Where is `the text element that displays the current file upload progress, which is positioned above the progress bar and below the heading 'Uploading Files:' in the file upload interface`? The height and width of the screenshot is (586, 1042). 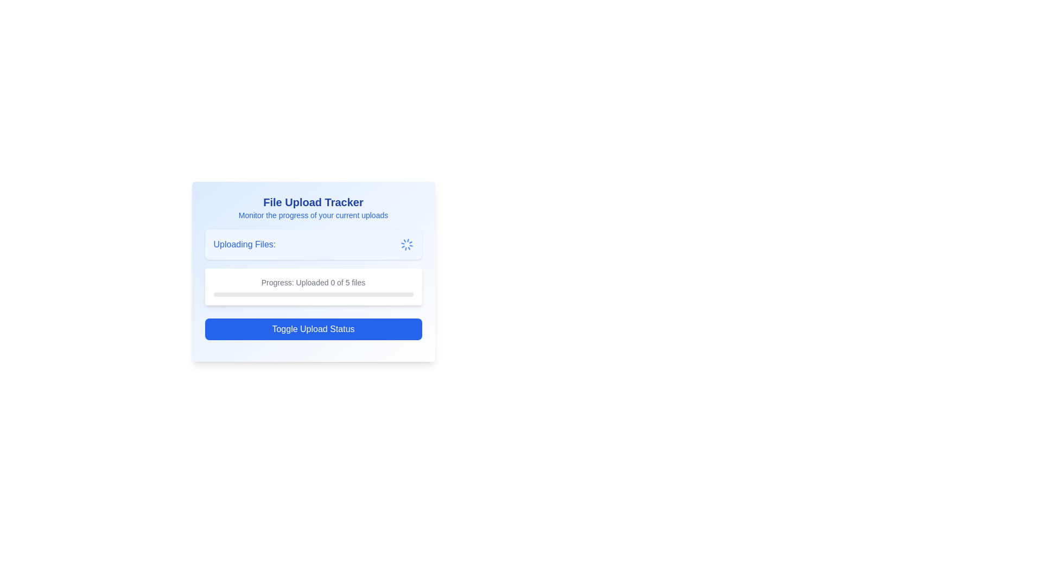 the text element that displays the current file upload progress, which is positioned above the progress bar and below the heading 'Uploading Files:' in the file upload interface is located at coordinates (313, 282).